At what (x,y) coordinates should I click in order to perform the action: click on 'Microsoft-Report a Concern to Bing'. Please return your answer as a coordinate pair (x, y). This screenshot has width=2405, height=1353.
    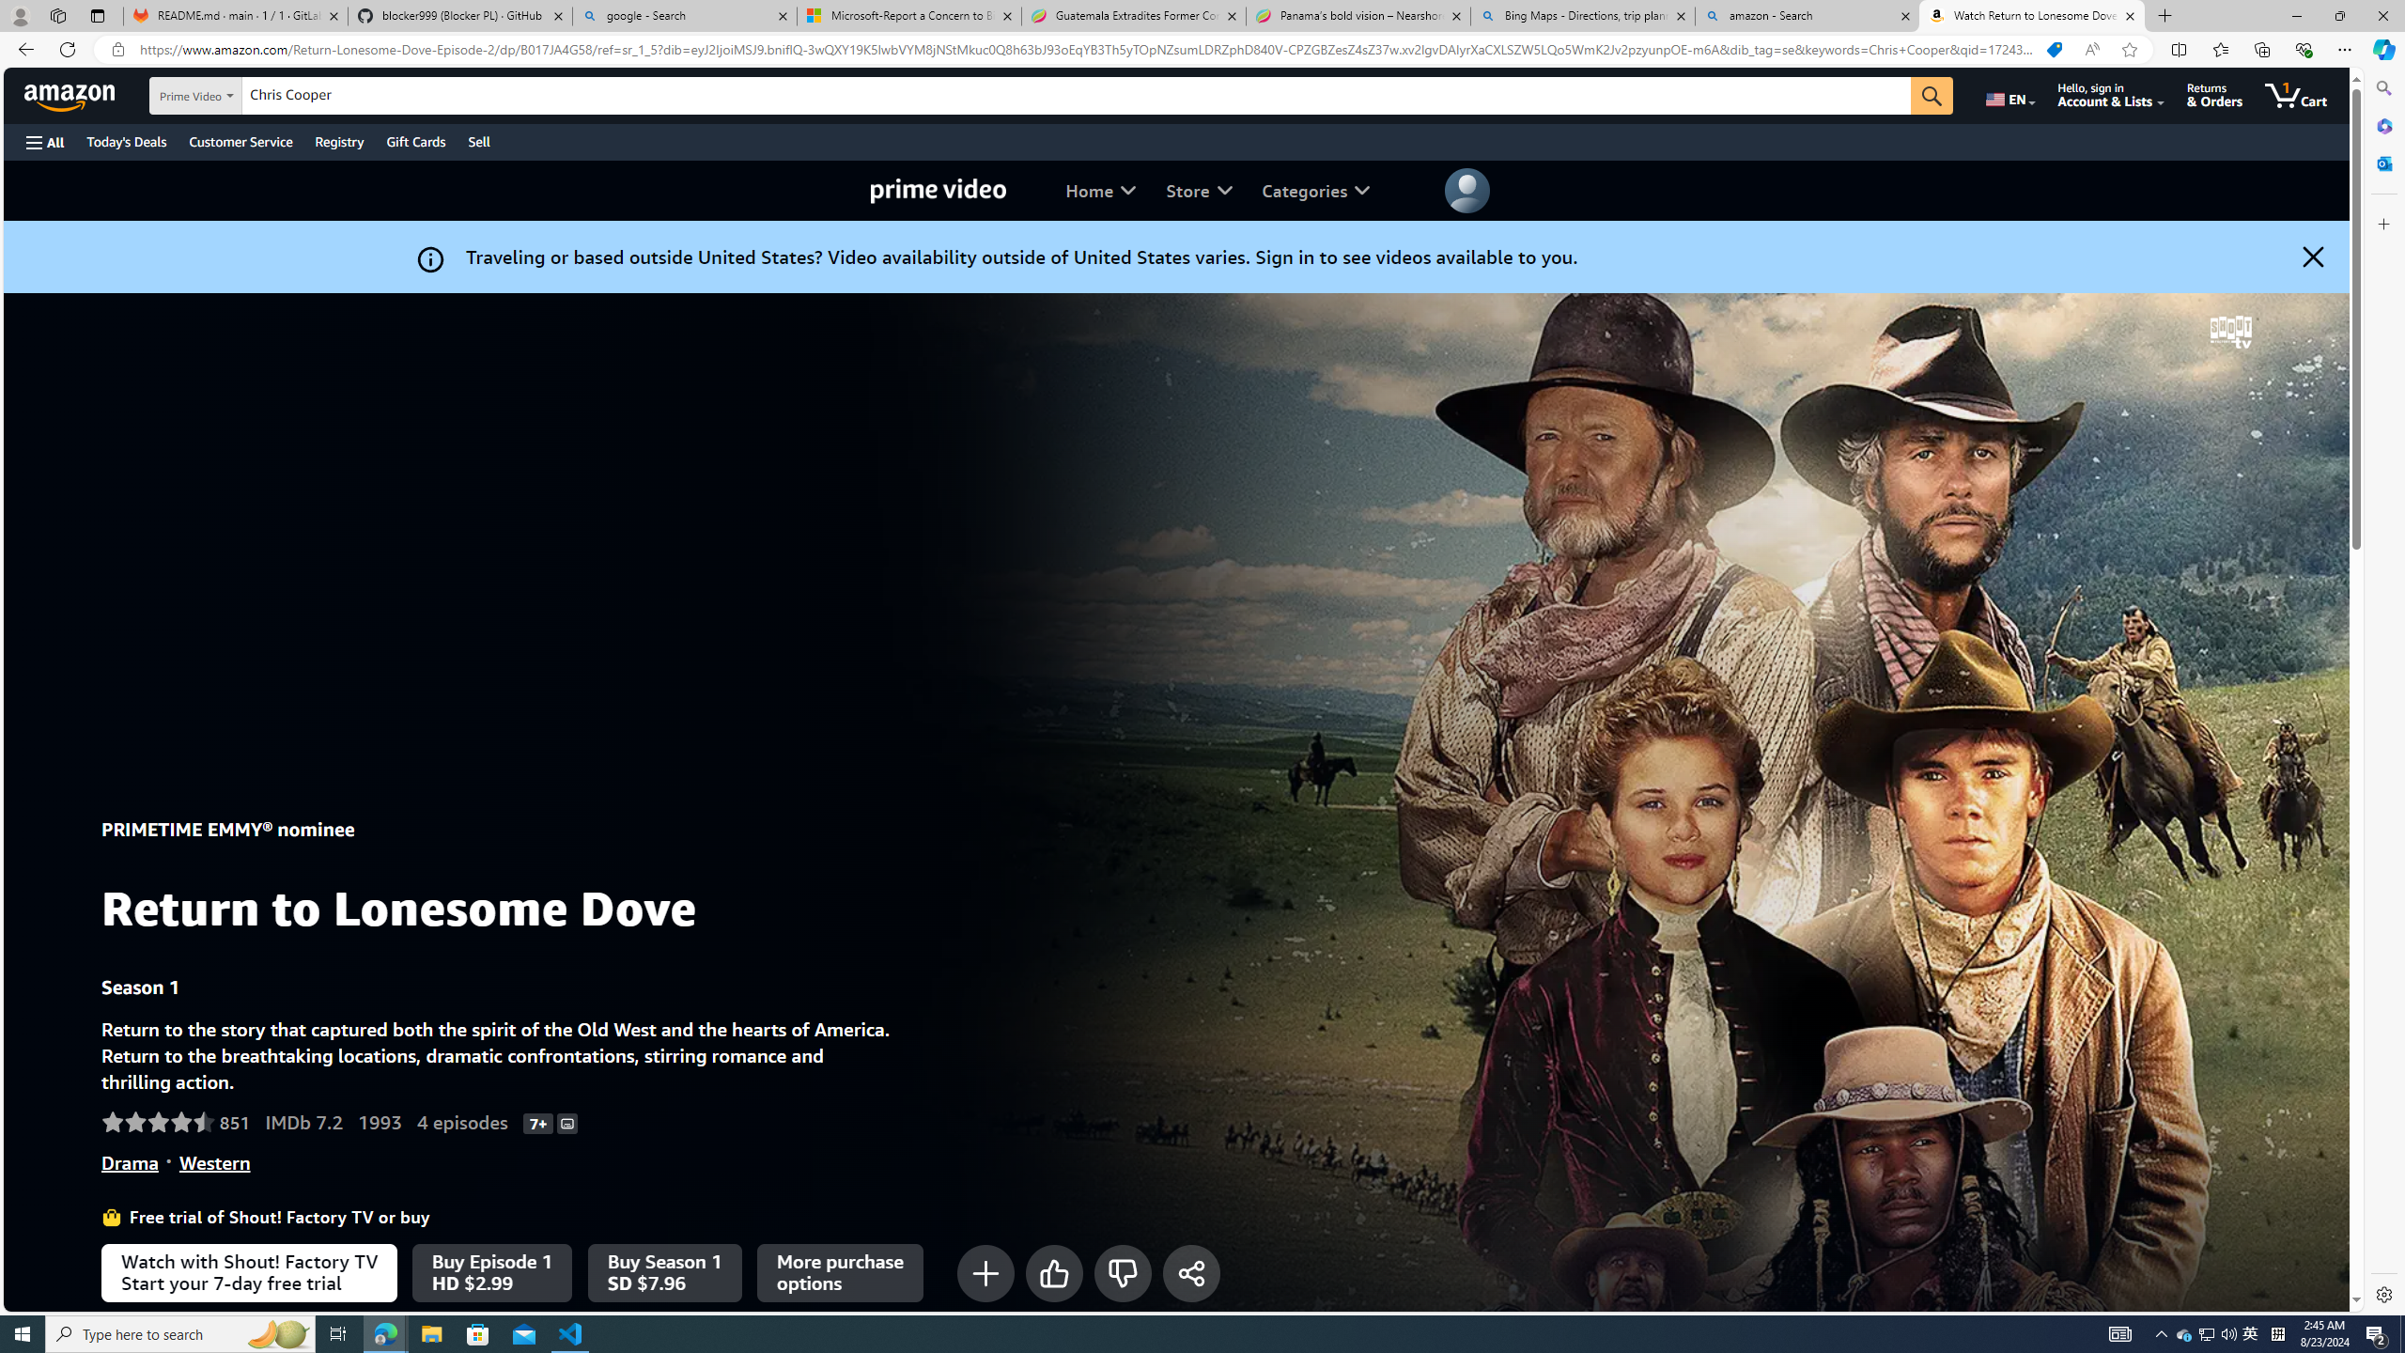
    Looking at the image, I should click on (908, 15).